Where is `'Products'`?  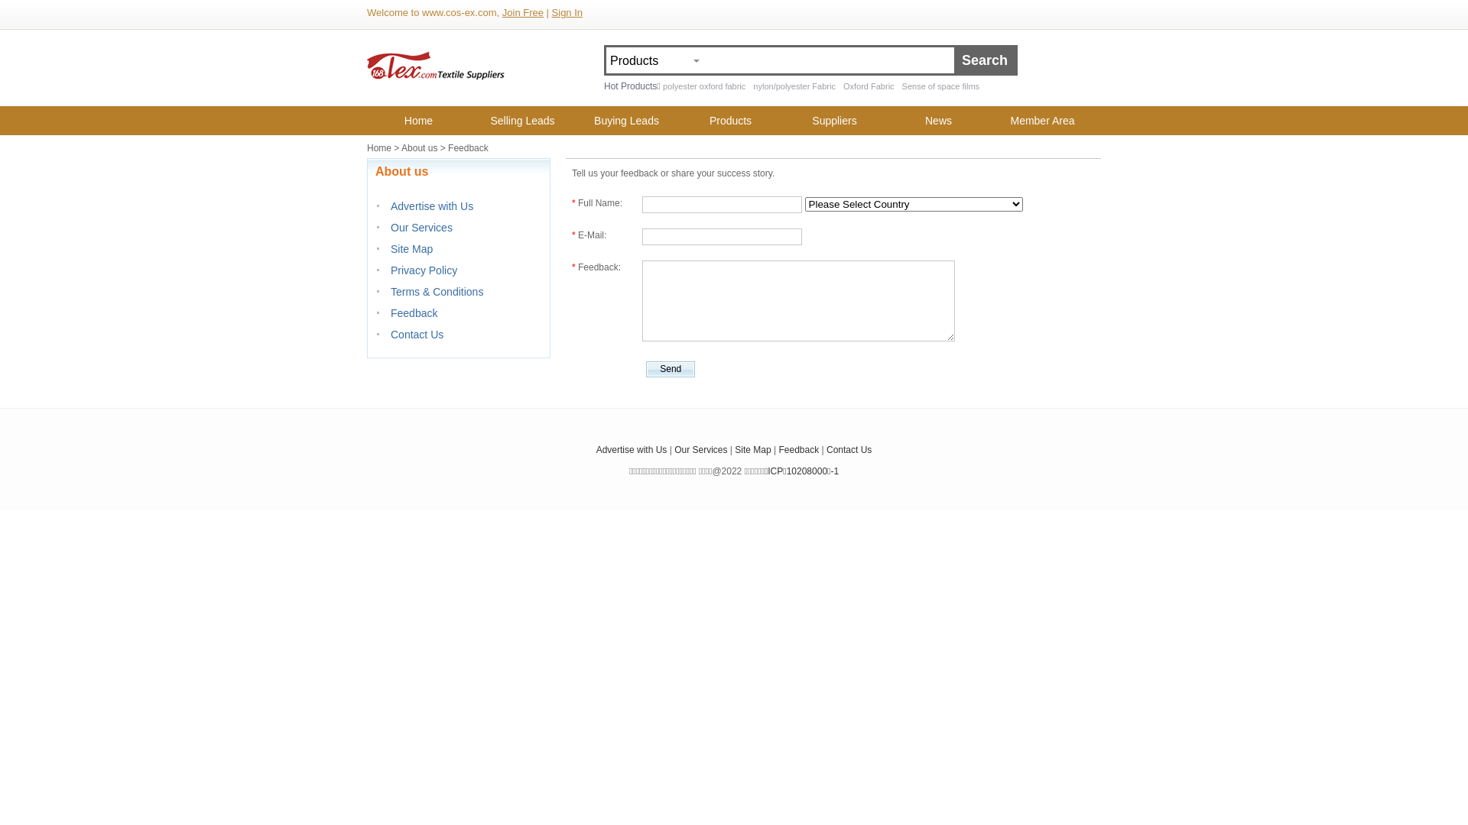
'Products' is located at coordinates (729, 120).